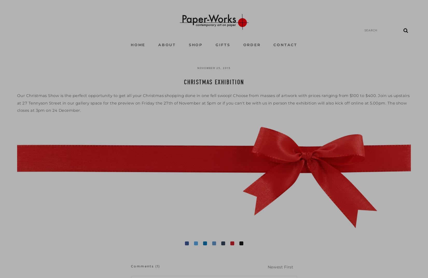  What do you see at coordinates (195, 45) in the screenshot?
I see `'SHOP'` at bounding box center [195, 45].